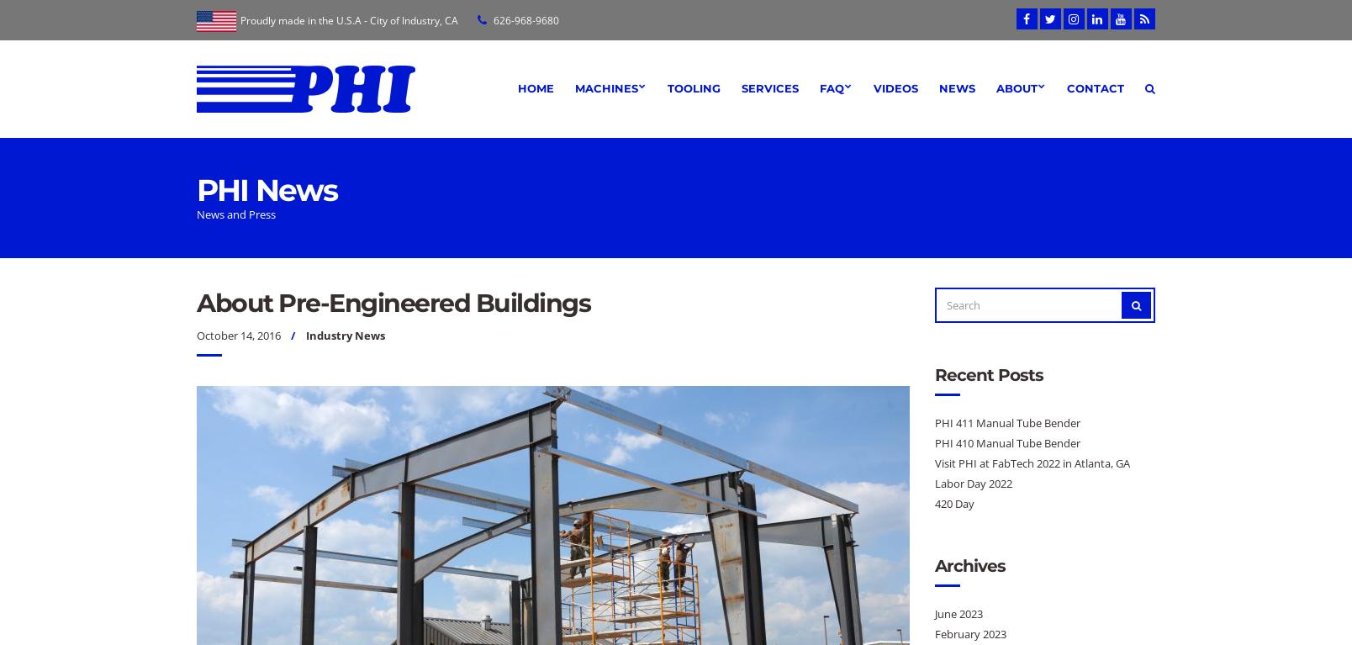  Describe the element at coordinates (668, 87) in the screenshot. I see `'Tooling'` at that location.